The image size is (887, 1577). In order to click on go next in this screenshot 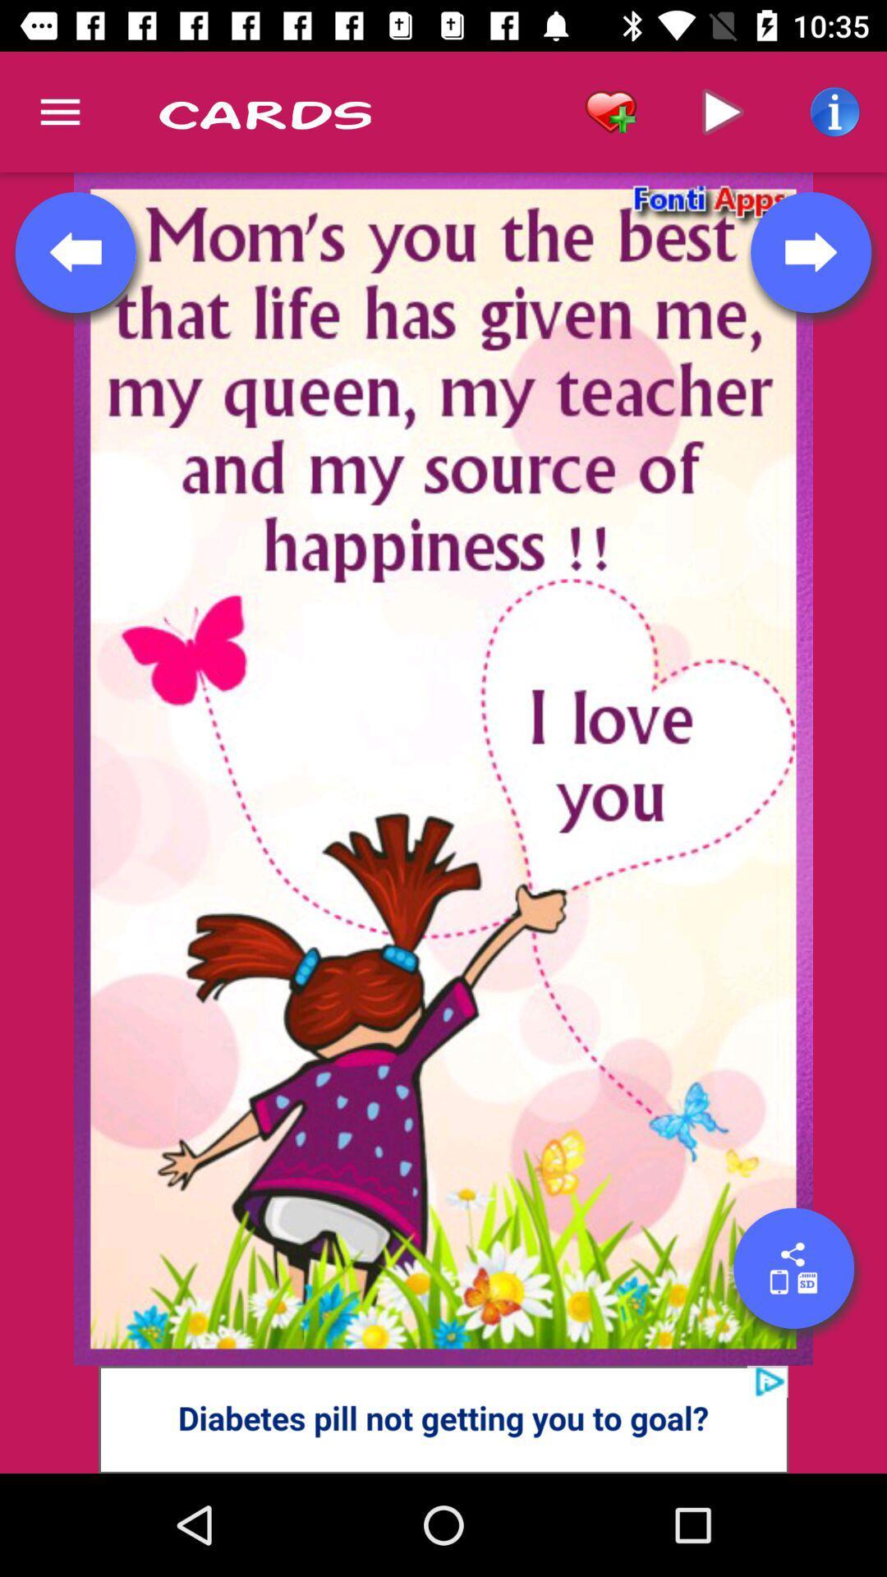, I will do `click(810, 251)`.